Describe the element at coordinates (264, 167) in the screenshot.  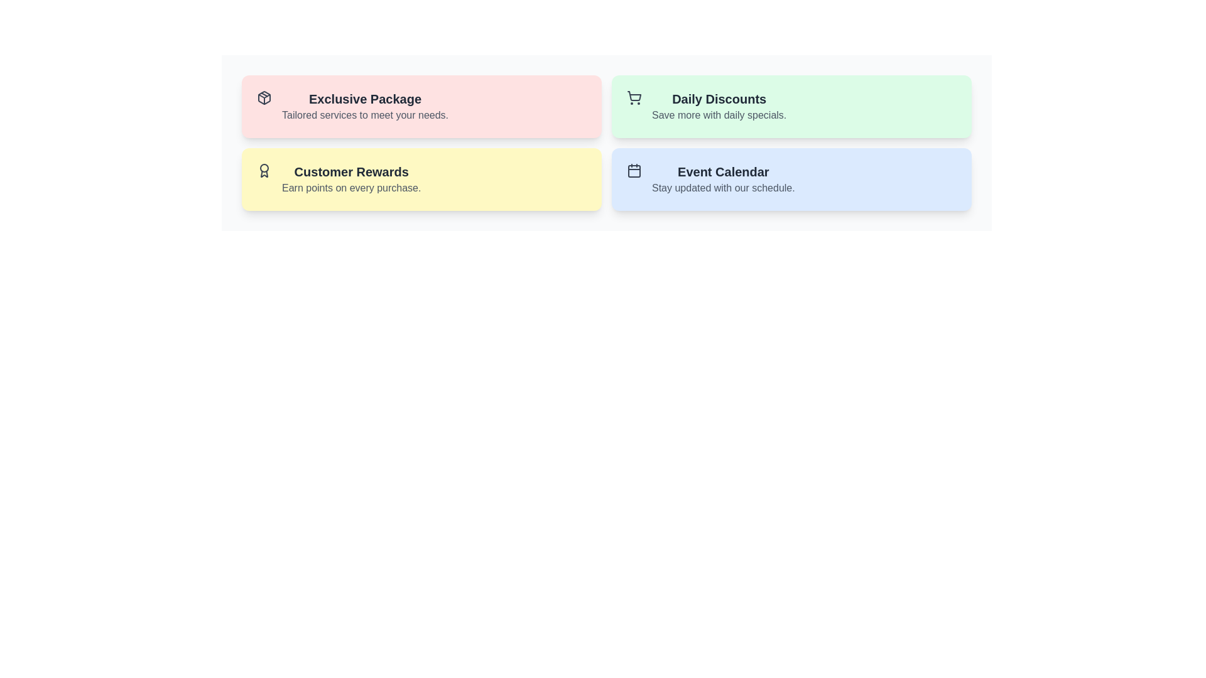
I see `the decorative circle component within the SVG graphic representing the top part of an award icon, symbolizing achievement or recognition` at that location.